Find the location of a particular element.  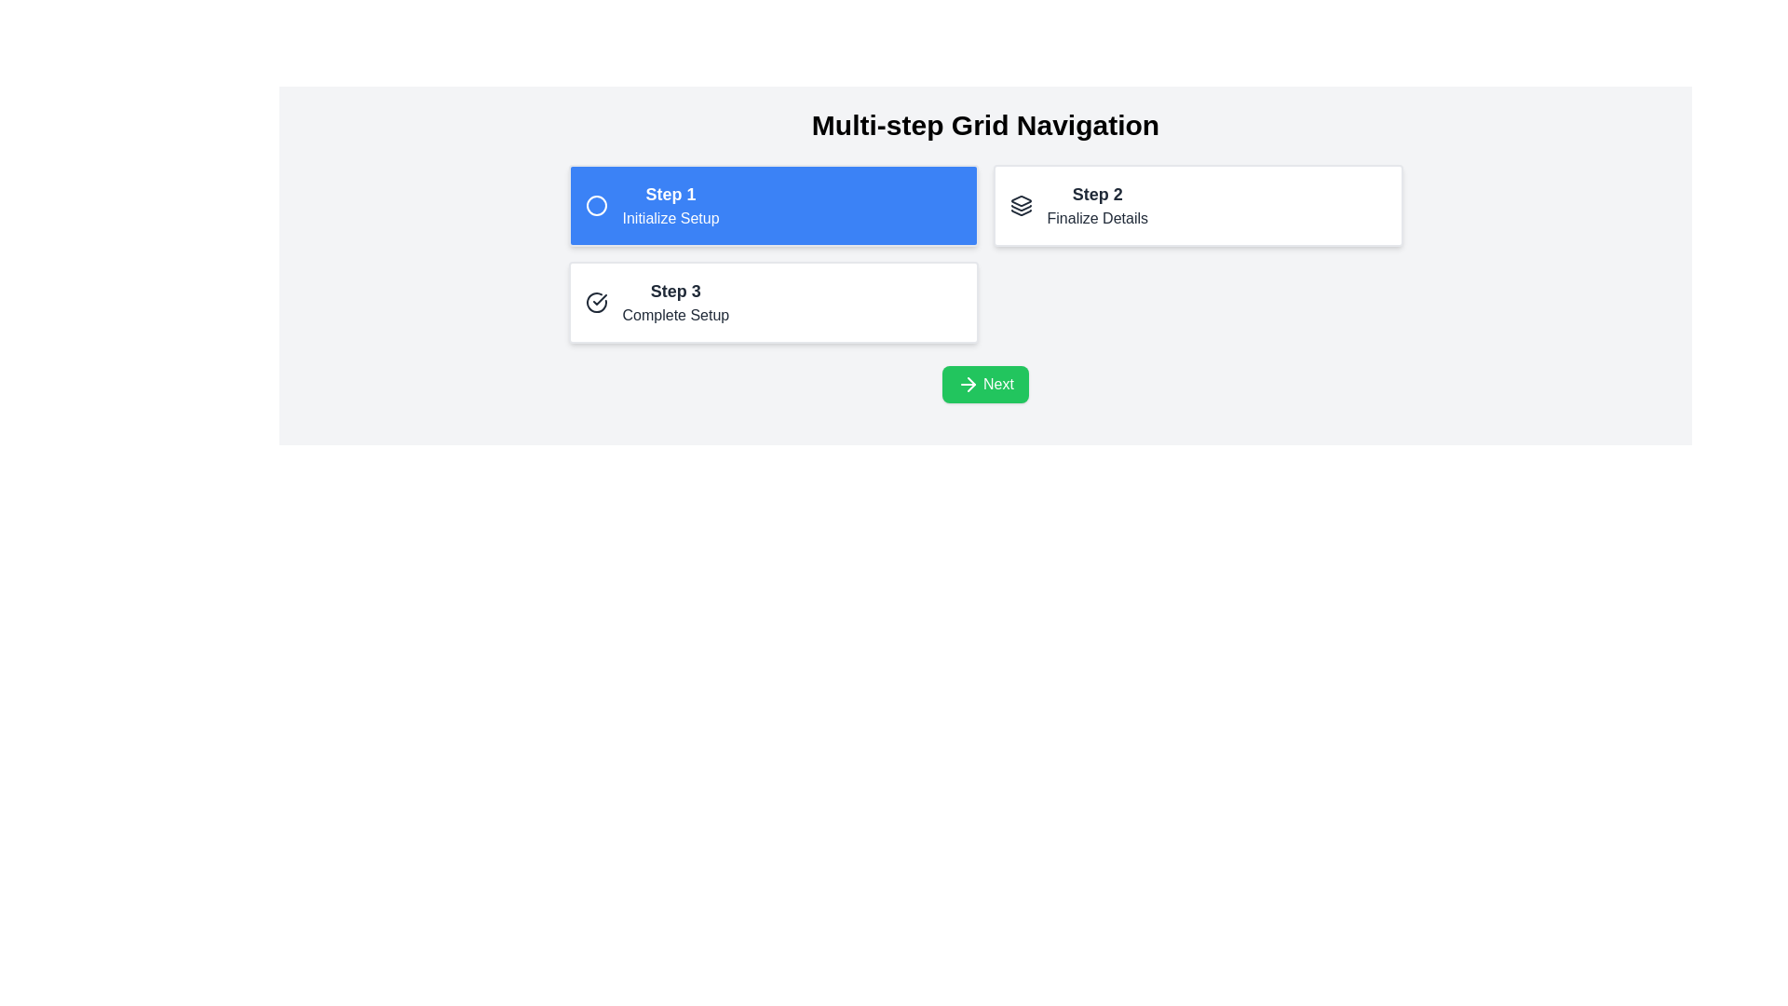

the navigation button located at the bottom right of the multi-step navigation interface, below the 'Step 3 Complete Setup' section to visualize hover effects is located at coordinates (984, 383).